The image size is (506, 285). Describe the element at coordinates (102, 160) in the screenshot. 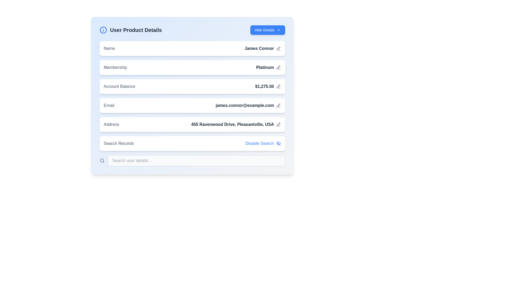

I see `the search icon located to the immediate left of the 'Search user details...' input field, which serves as a decorative indicator for the search function` at that location.